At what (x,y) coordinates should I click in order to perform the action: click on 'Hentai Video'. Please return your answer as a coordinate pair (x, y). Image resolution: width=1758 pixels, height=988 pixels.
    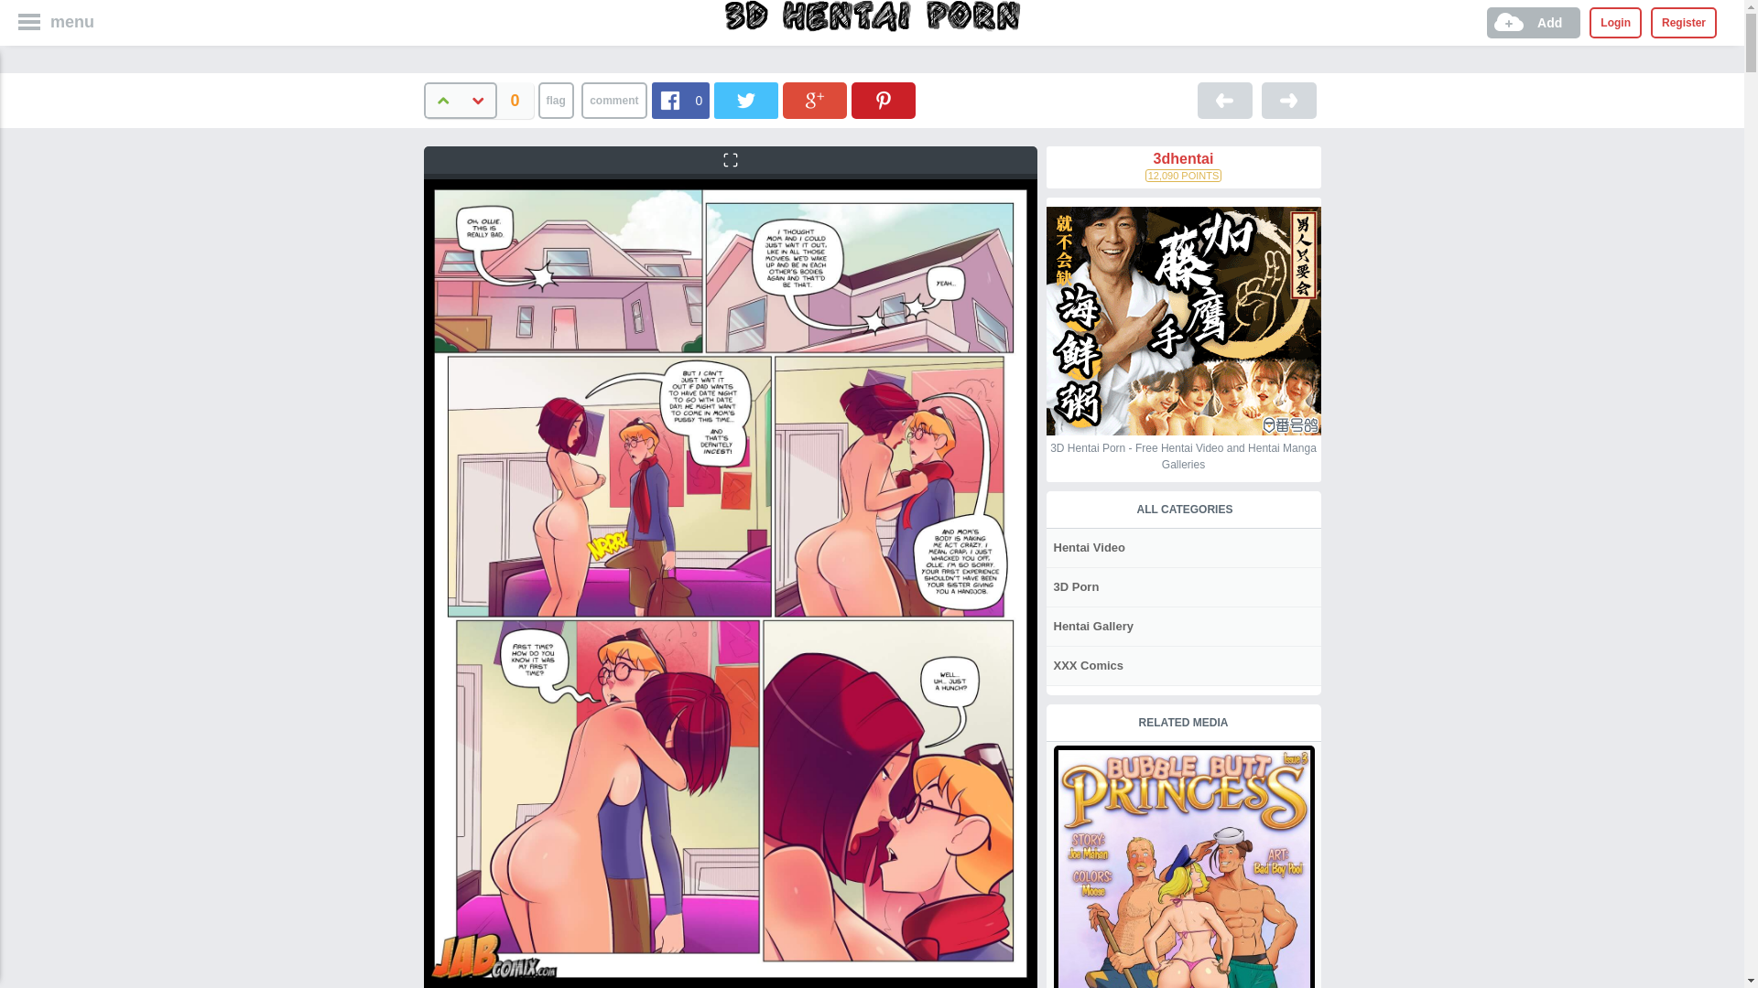
    Looking at the image, I should click on (1088, 546).